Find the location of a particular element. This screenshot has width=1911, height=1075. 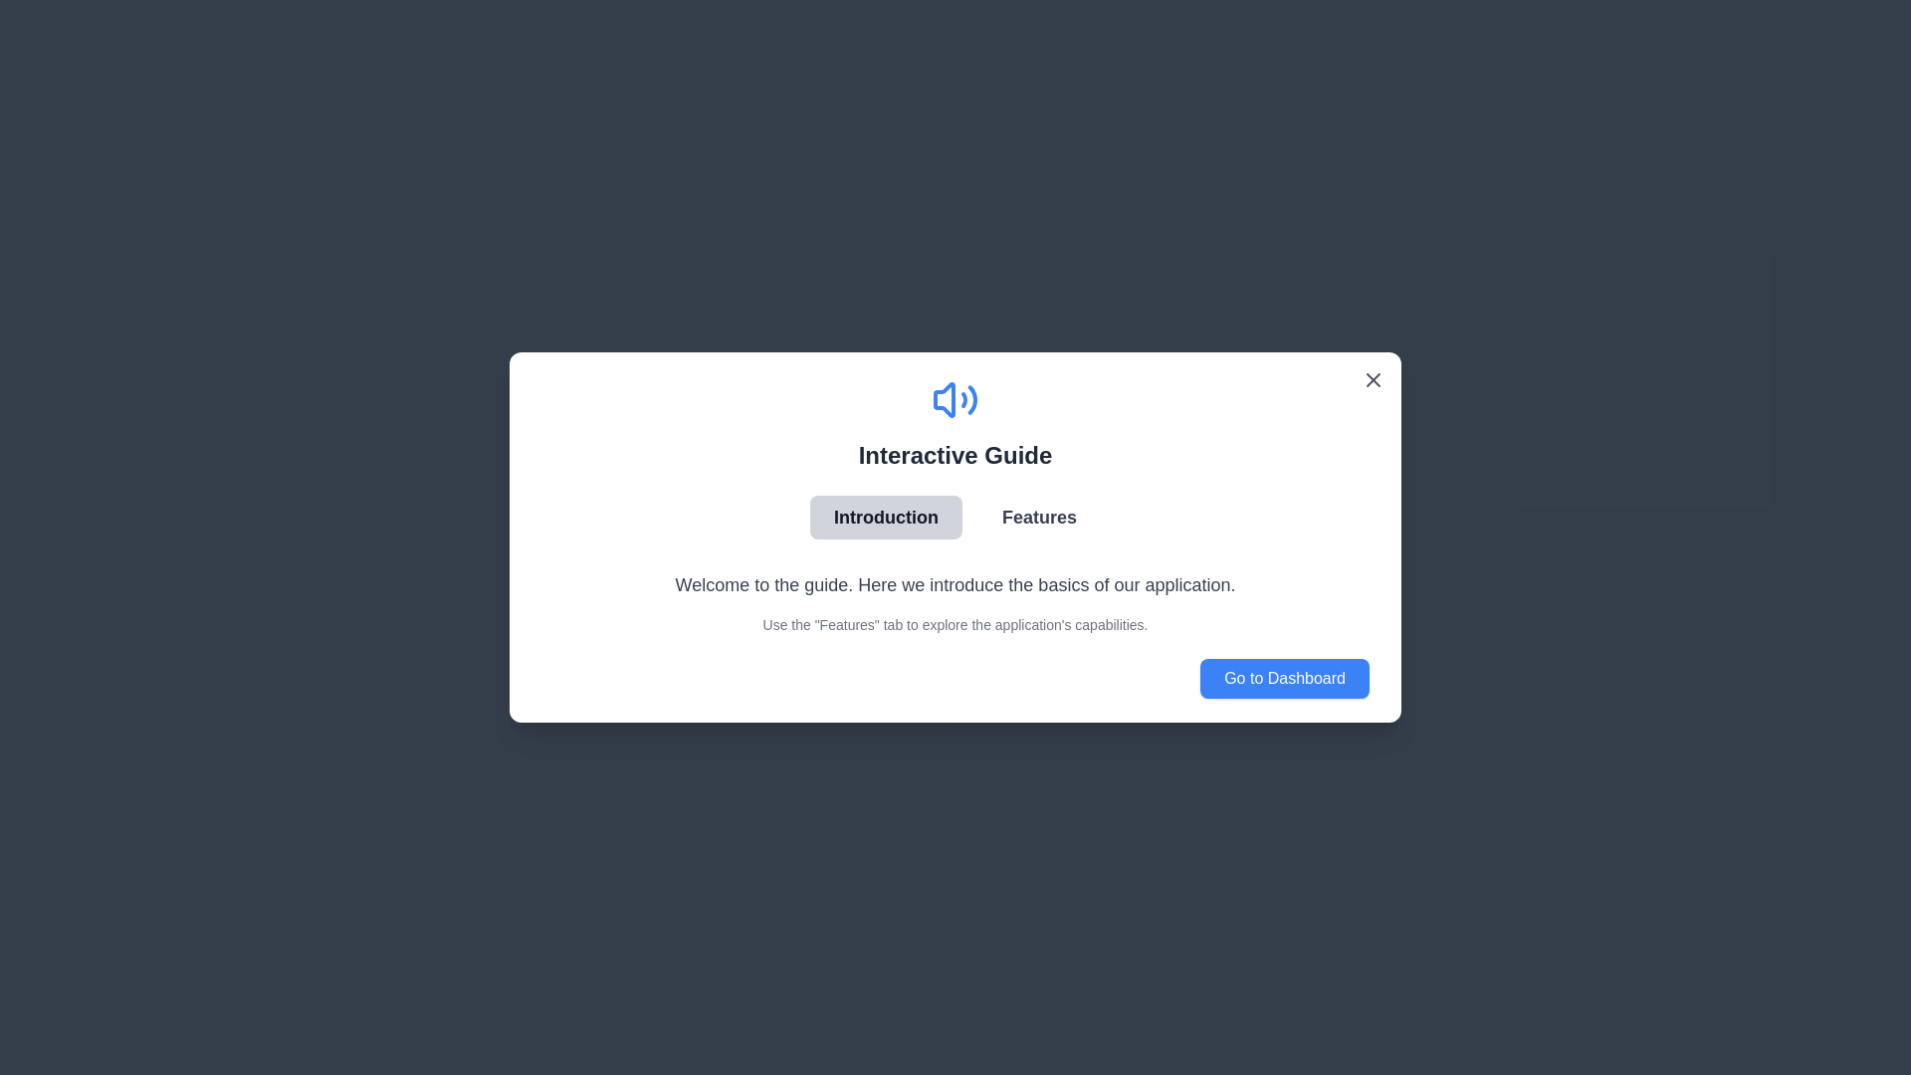

the blue hollow outline speaker icon located above the 'Interactive Guide' text, which is part of the volume control icon set is located at coordinates (944, 399).